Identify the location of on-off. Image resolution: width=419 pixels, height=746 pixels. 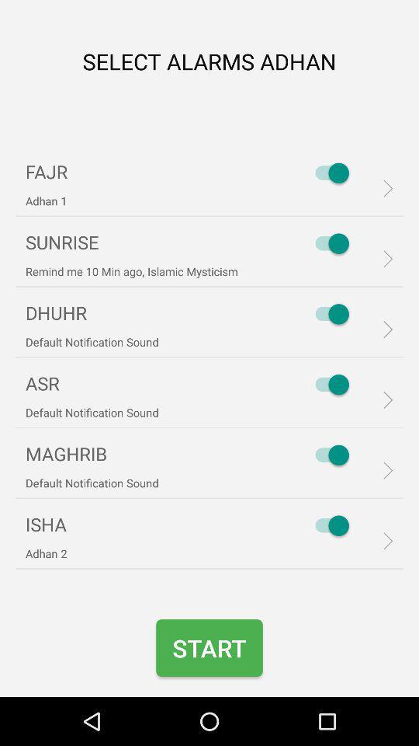
(327, 173).